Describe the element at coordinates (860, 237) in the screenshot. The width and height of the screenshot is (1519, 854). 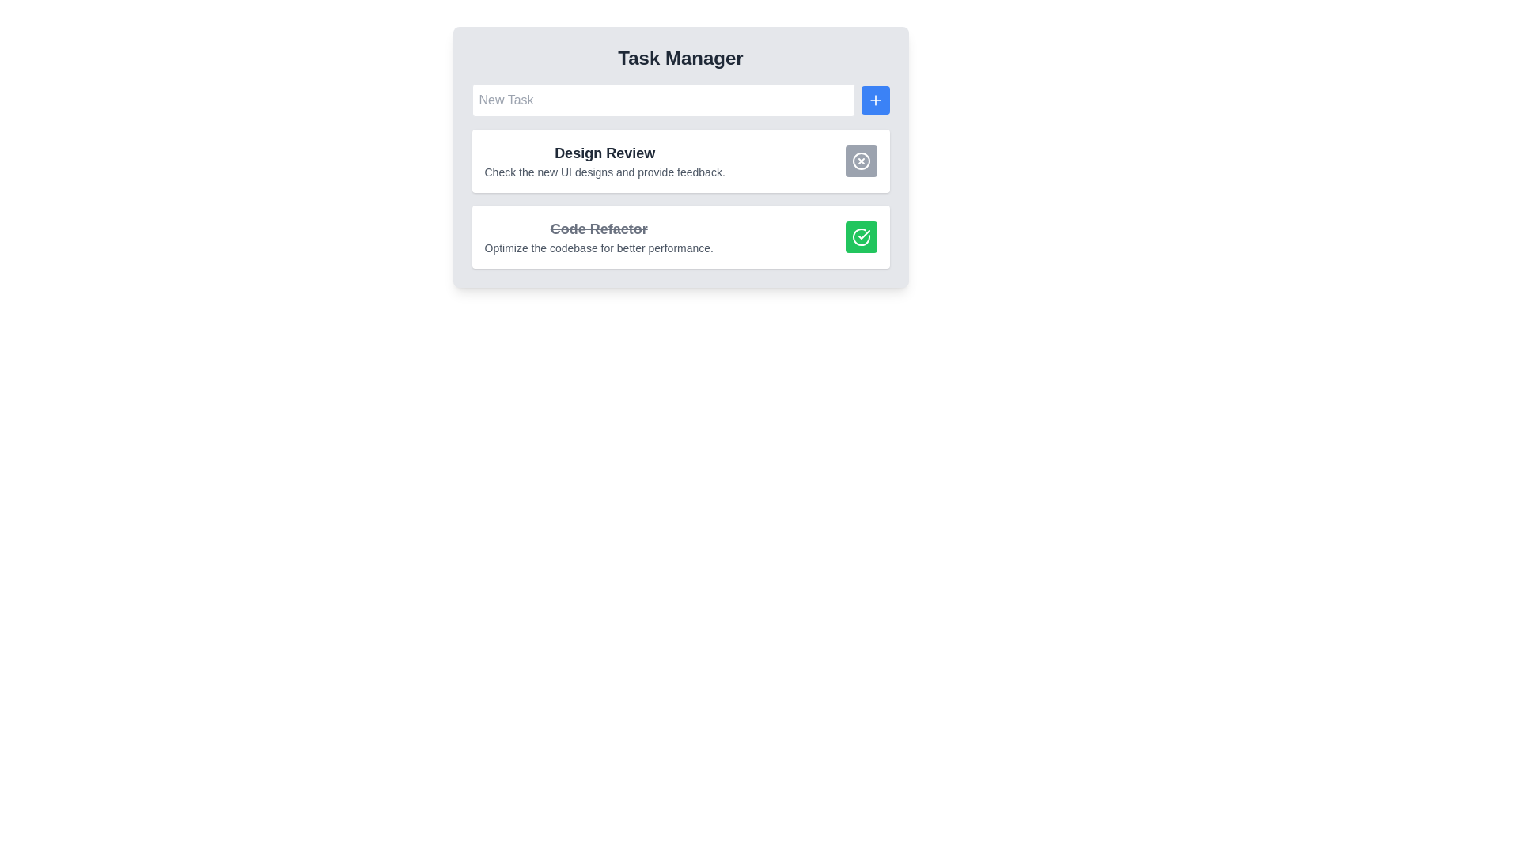
I see `the white circular icon with a green background featuring a checkmark design, which is centrally positioned within its green rounded button located to the right of the 'Code Refactor' text` at that location.